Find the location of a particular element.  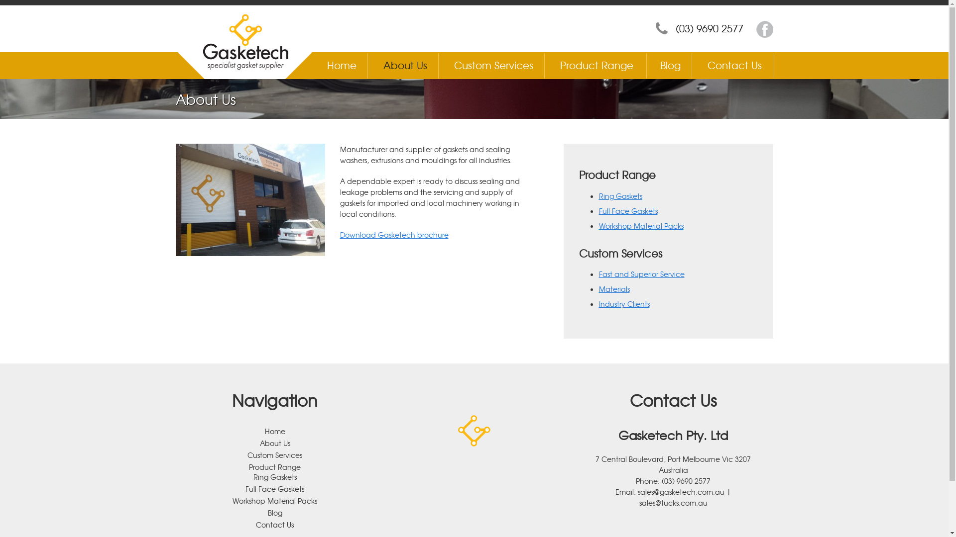

'Custom Services' is located at coordinates (493, 65).